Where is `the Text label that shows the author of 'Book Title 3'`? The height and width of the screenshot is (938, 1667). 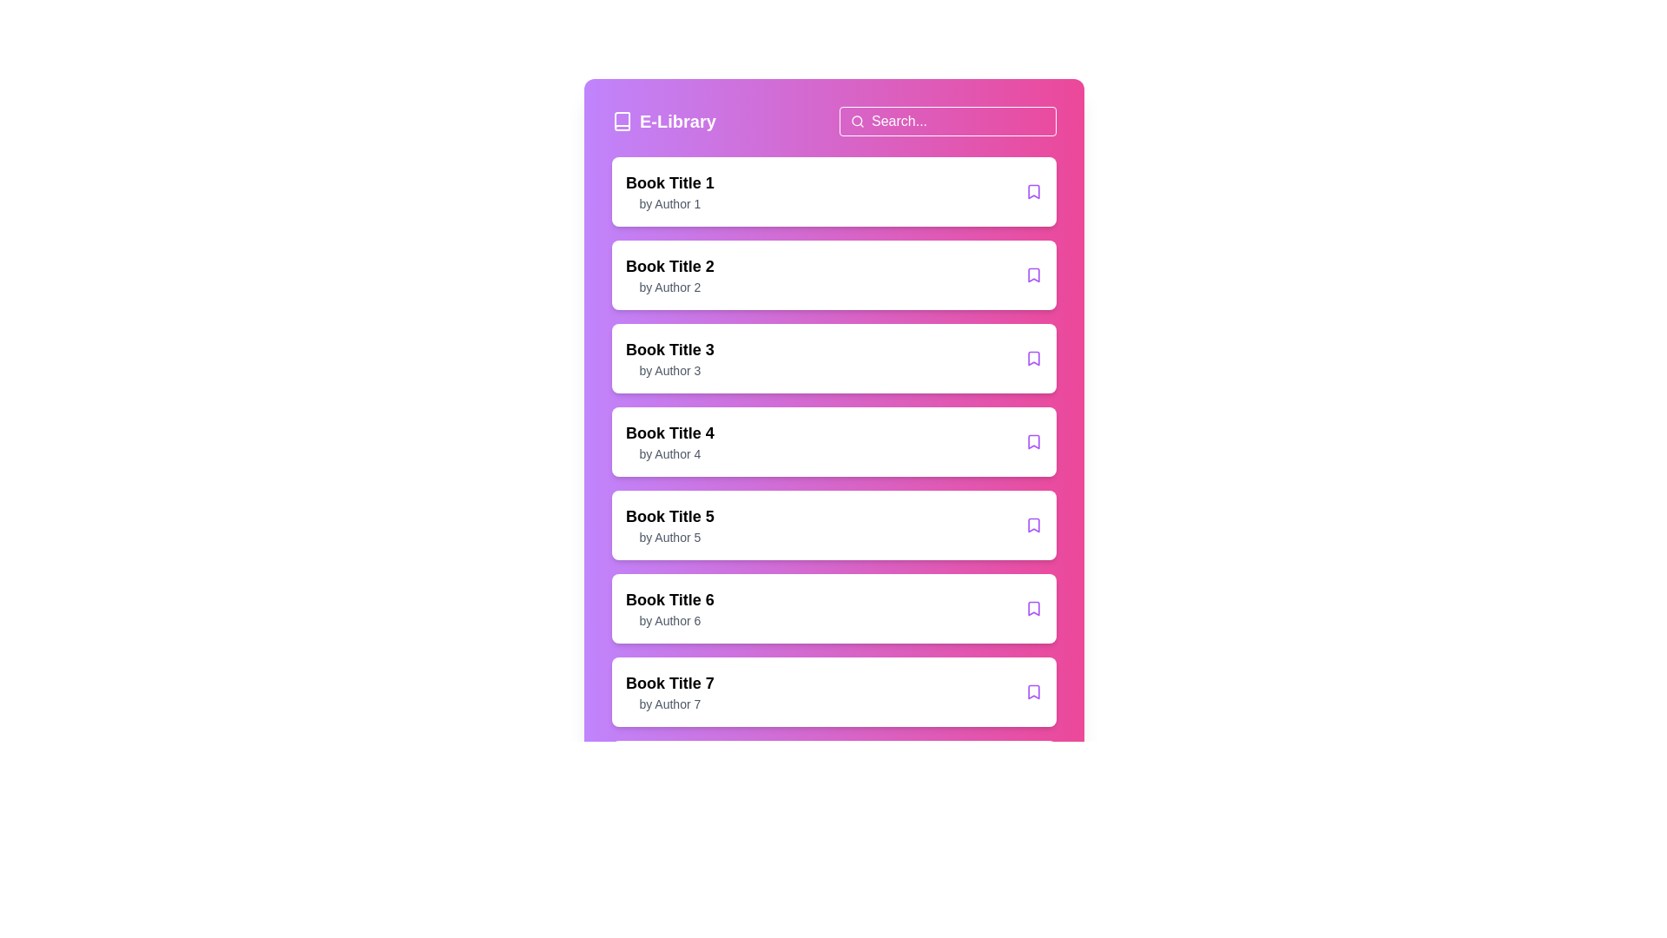
the Text label that shows the author of 'Book Title 3' is located at coordinates (669, 370).